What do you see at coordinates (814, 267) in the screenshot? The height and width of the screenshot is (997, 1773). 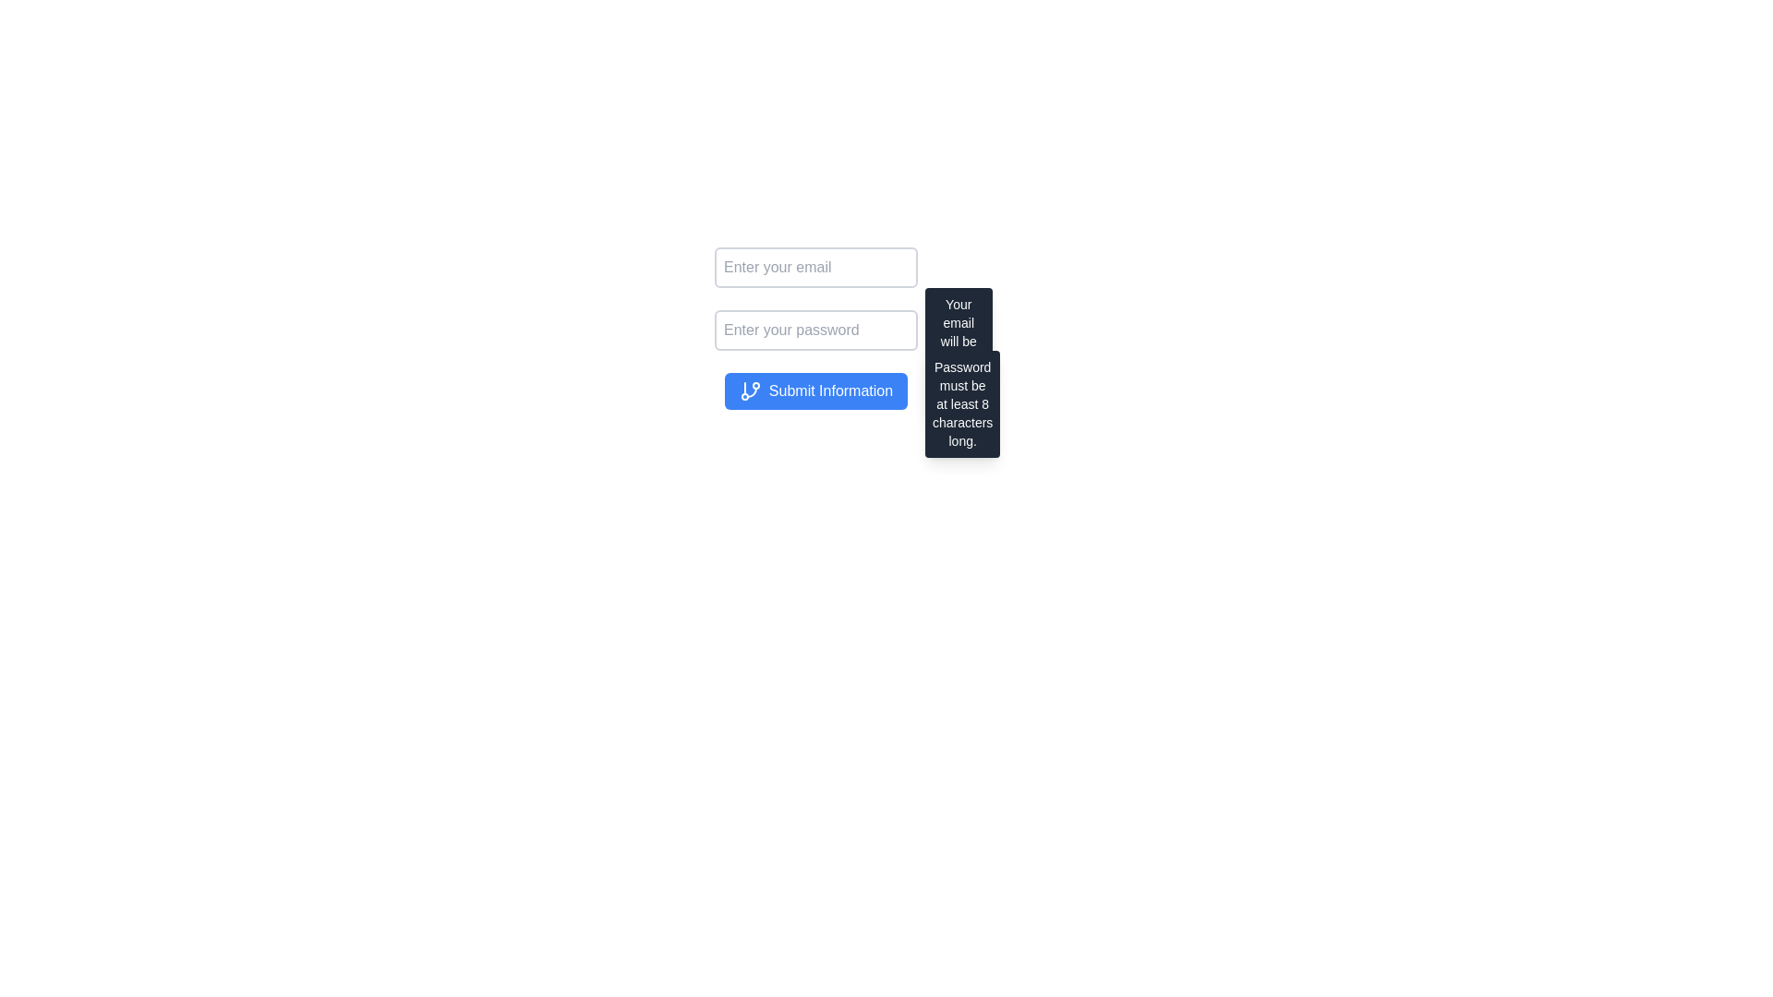 I see `the email input field, which is identified by its placeholder text 'Enter your email' and is positioned above the password input field in the form group` at bounding box center [814, 267].